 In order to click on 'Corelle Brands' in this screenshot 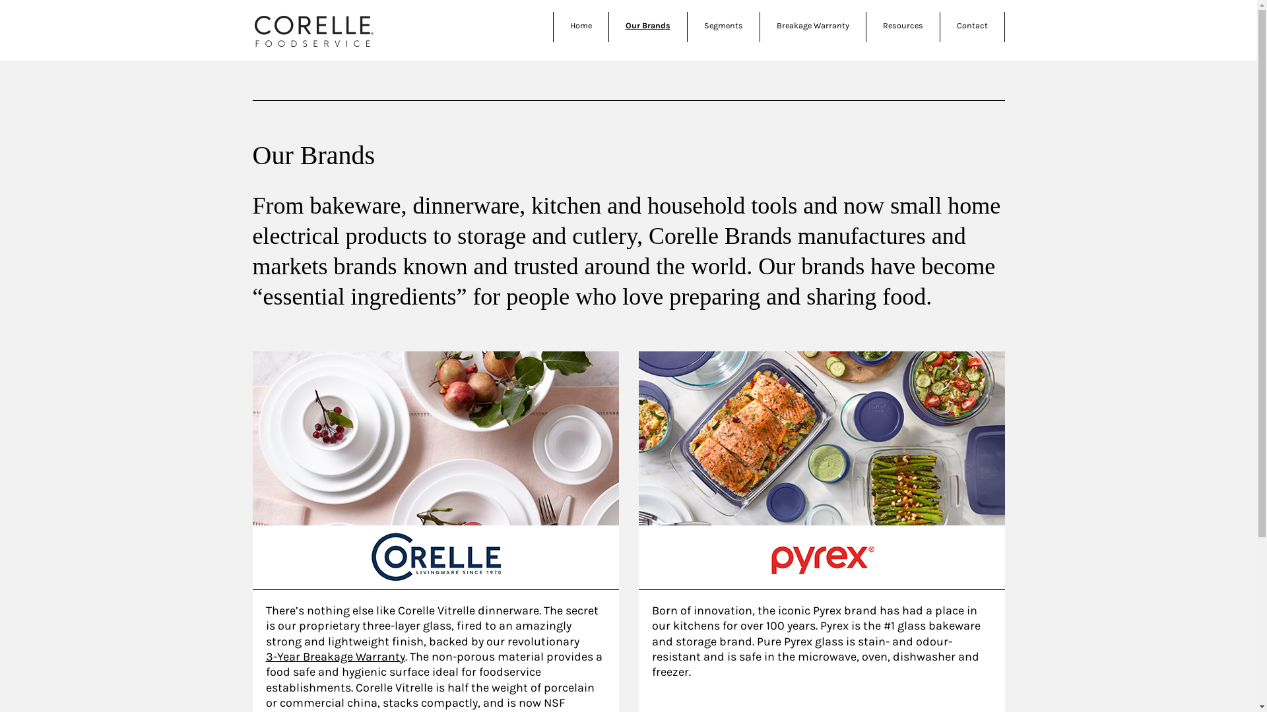, I will do `click(313, 30)`.